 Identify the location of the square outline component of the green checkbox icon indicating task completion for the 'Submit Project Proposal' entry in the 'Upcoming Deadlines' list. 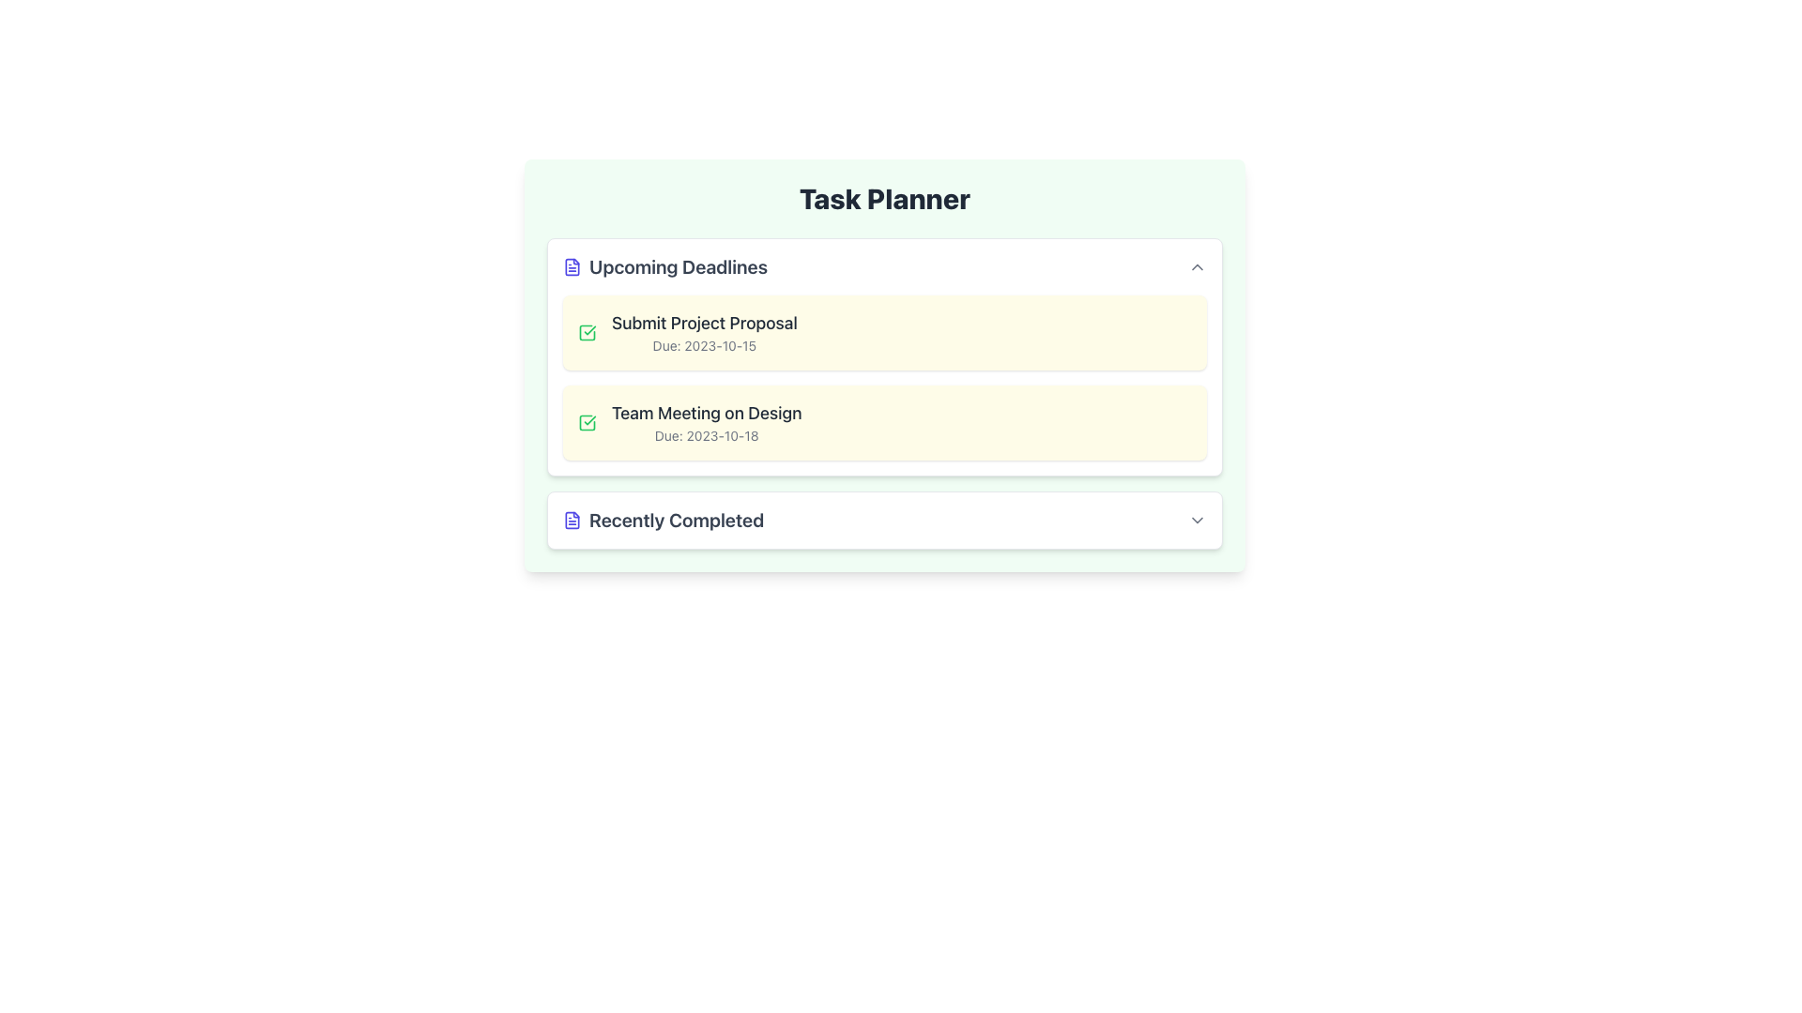
(586, 423).